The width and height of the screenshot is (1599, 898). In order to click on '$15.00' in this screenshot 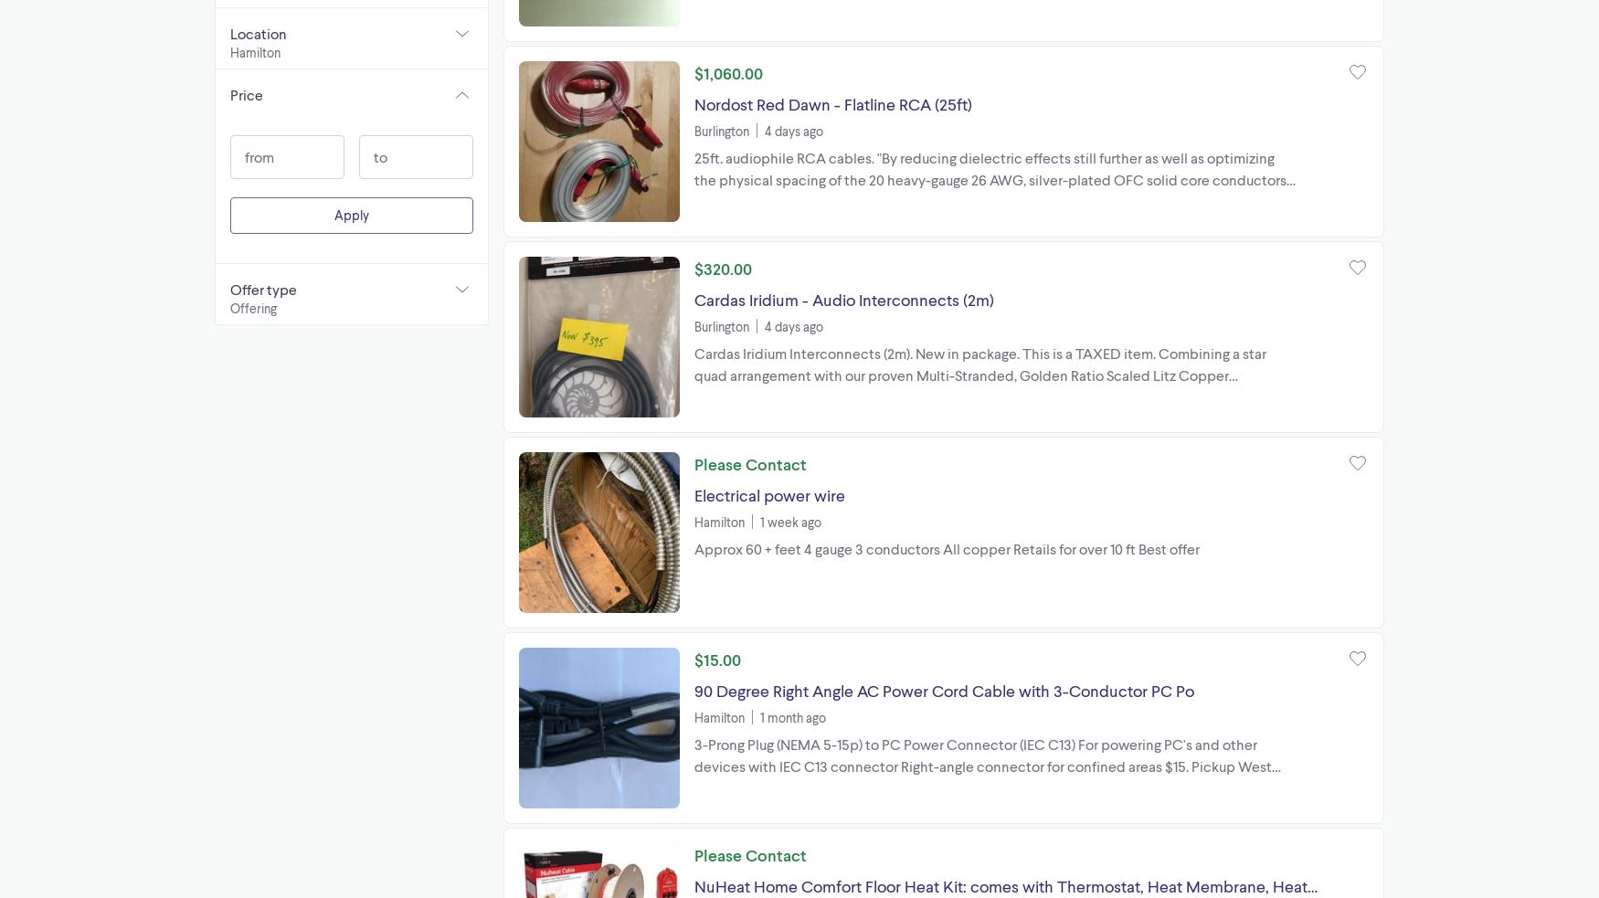, I will do `click(716, 659)`.